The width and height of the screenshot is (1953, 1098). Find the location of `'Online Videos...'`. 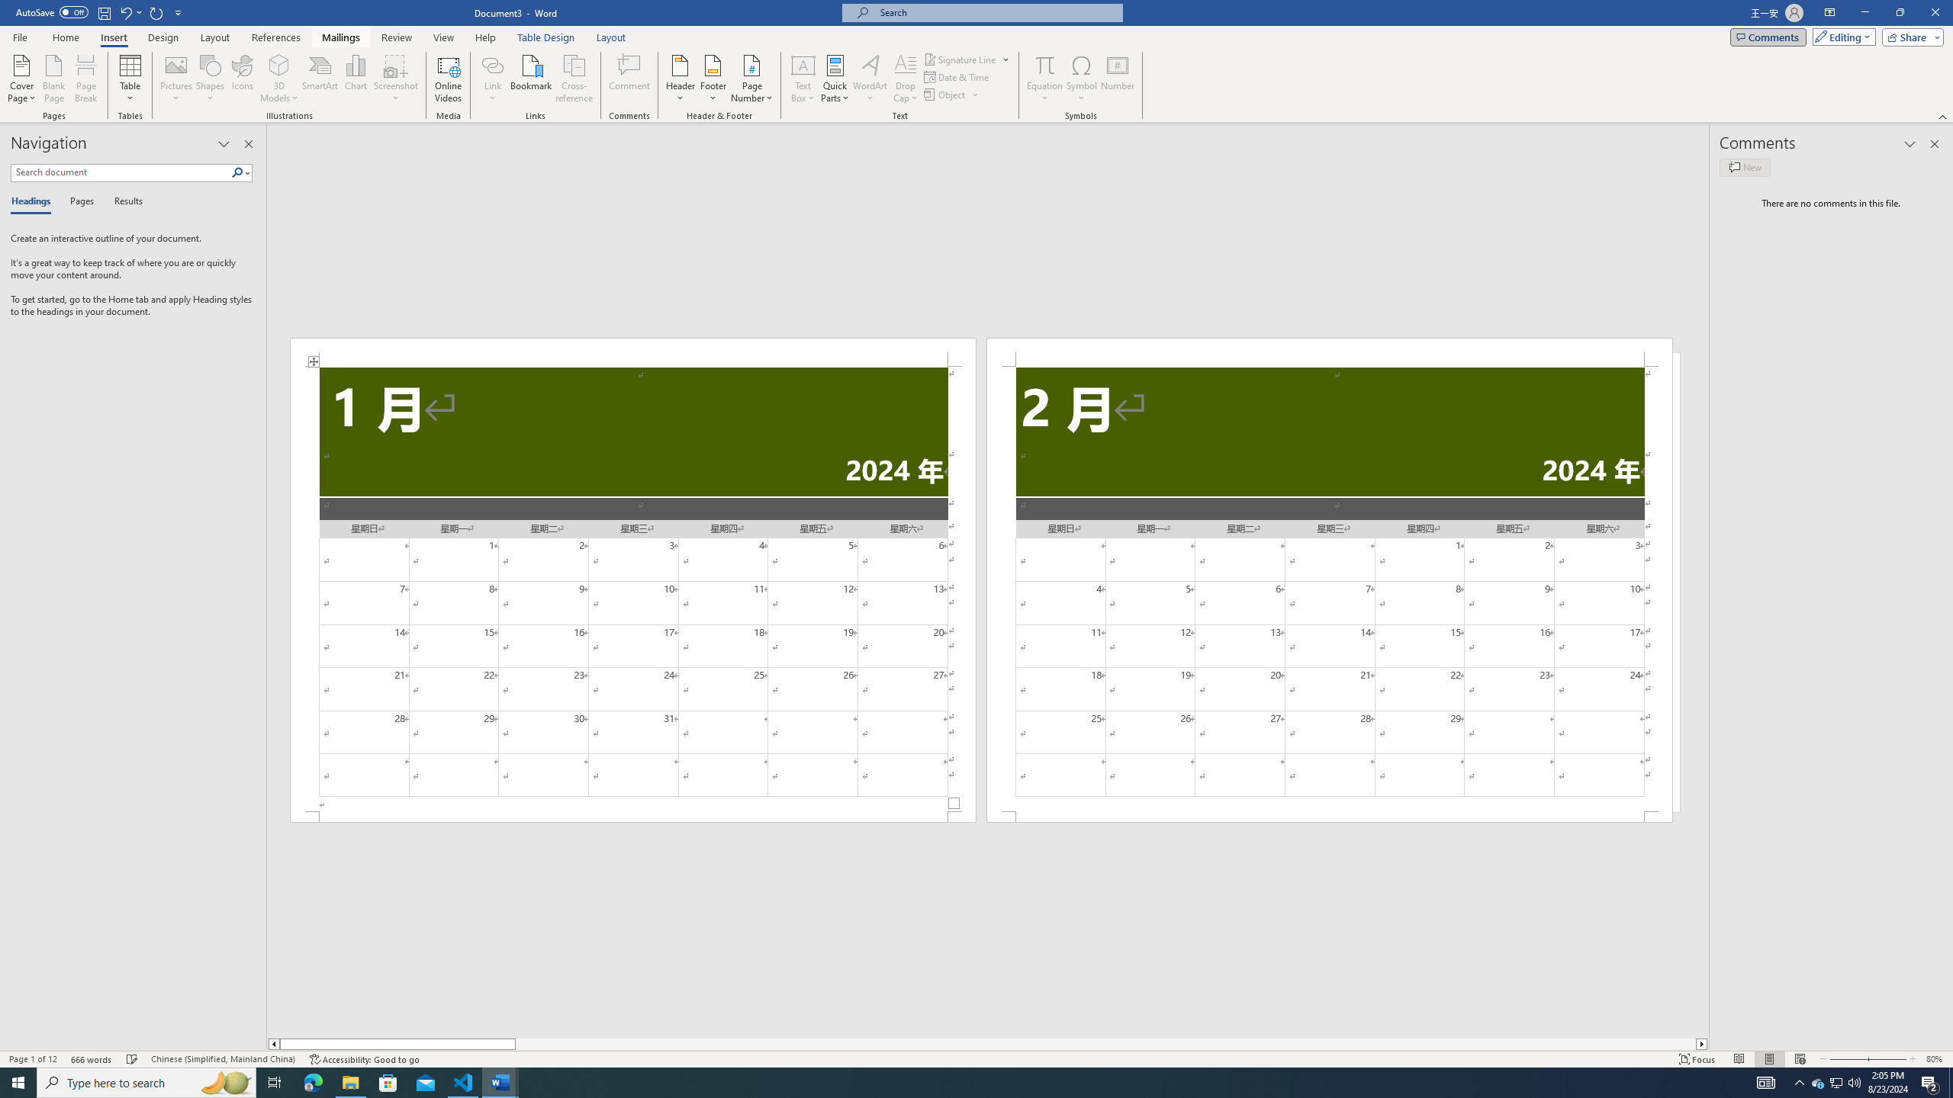

'Online Videos...' is located at coordinates (448, 79).